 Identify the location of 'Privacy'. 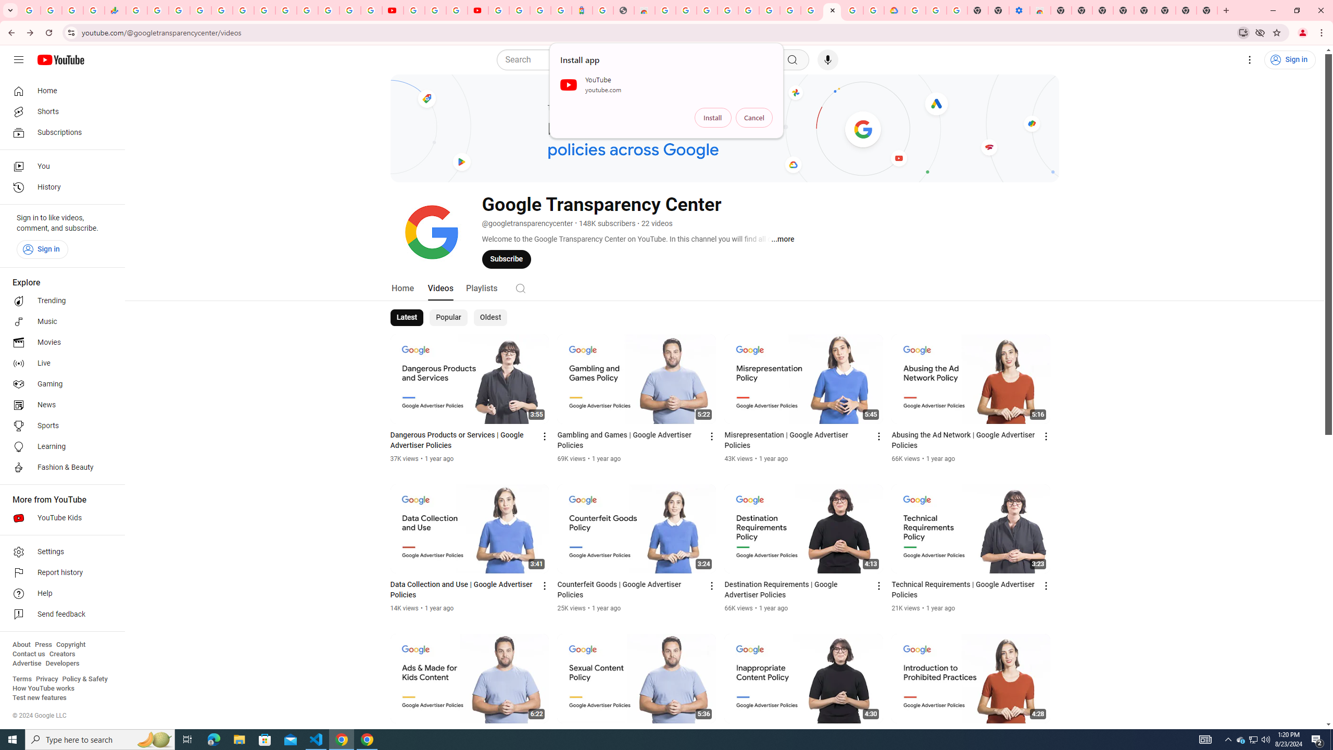
(46, 678).